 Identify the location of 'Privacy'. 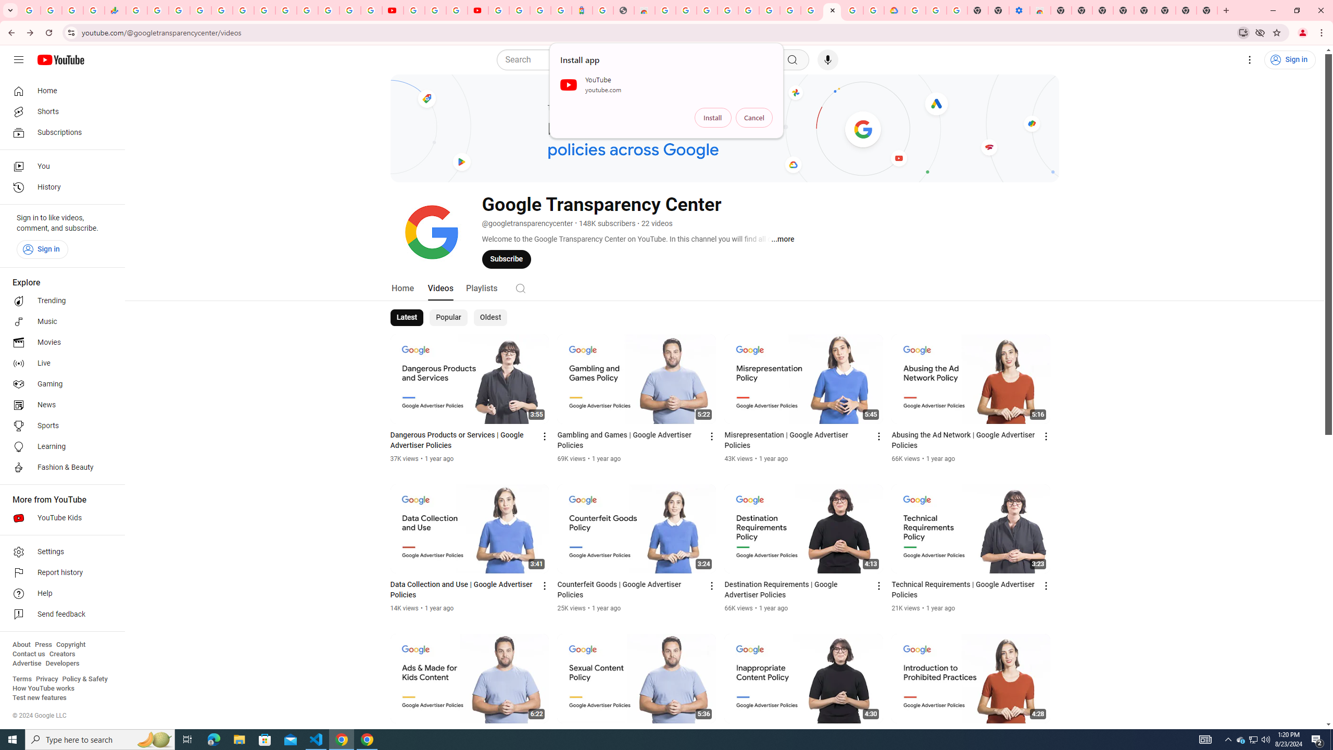
(46, 678).